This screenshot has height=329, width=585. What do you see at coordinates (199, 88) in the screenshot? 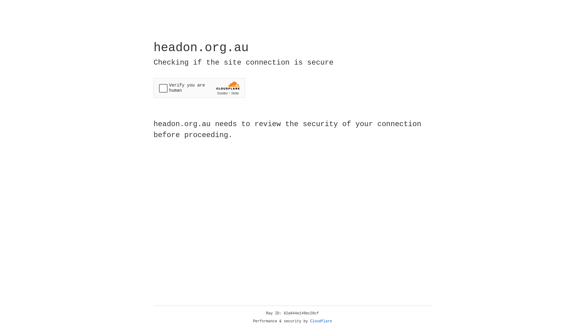
I see `'Widget containing a Cloudflare security challenge'` at bounding box center [199, 88].